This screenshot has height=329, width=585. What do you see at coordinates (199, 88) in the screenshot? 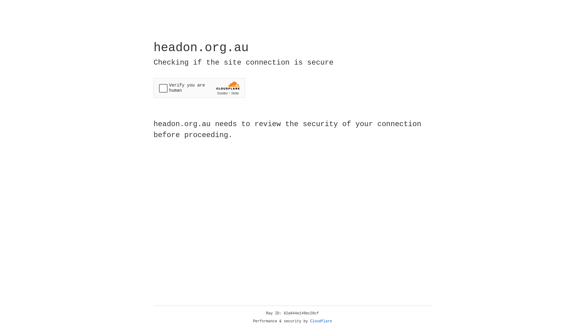
I see `'Widget containing a Cloudflare security challenge'` at bounding box center [199, 88].